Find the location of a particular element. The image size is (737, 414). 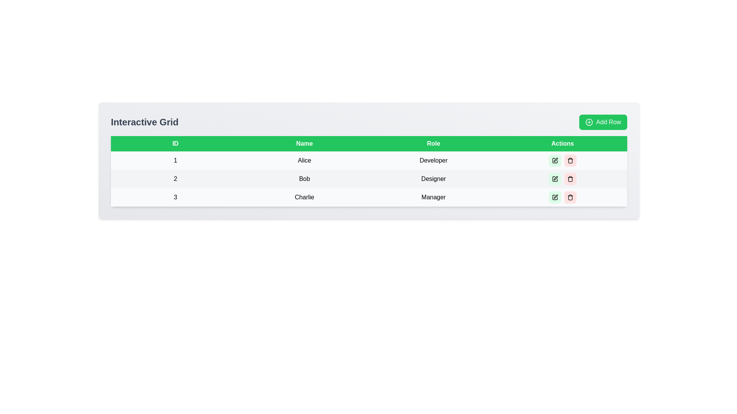

the Table cell text displaying the name of a person or entity located in the second cell of the first data row within the table, positioned between the 'ID' and 'Role' columns is located at coordinates (304, 160).